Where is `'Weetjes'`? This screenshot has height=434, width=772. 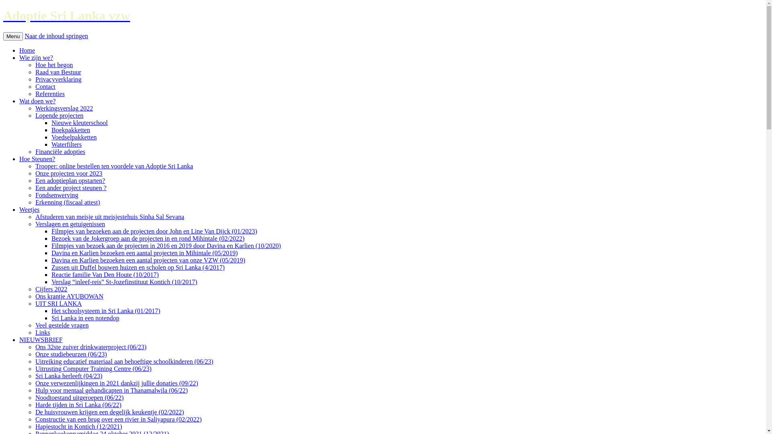 'Weetjes' is located at coordinates (29, 209).